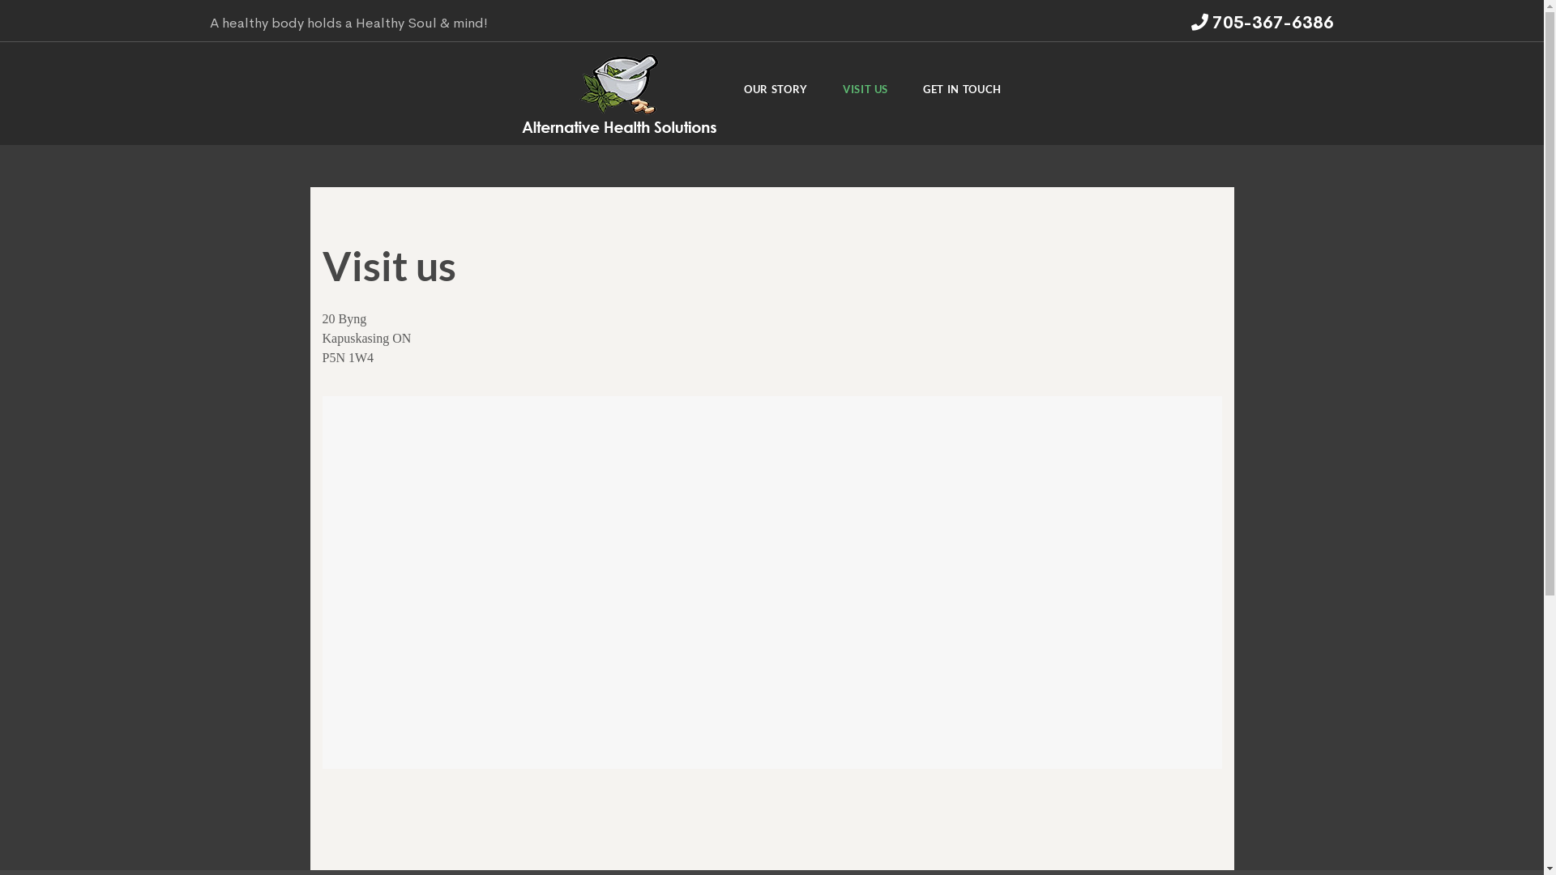 This screenshot has height=875, width=1556. Describe the element at coordinates (962, 93) in the screenshot. I see `'GET IN TOUCH'` at that location.